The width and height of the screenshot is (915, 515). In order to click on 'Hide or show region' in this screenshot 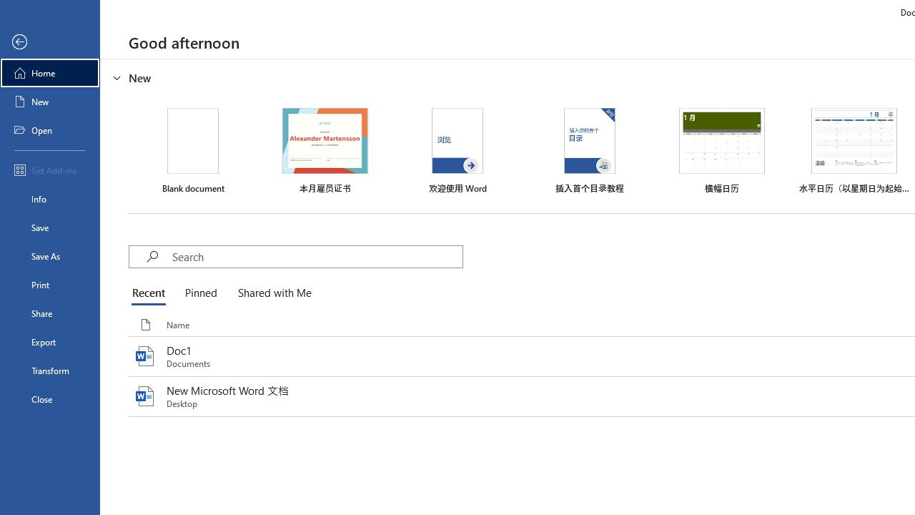, I will do `click(117, 78)`.